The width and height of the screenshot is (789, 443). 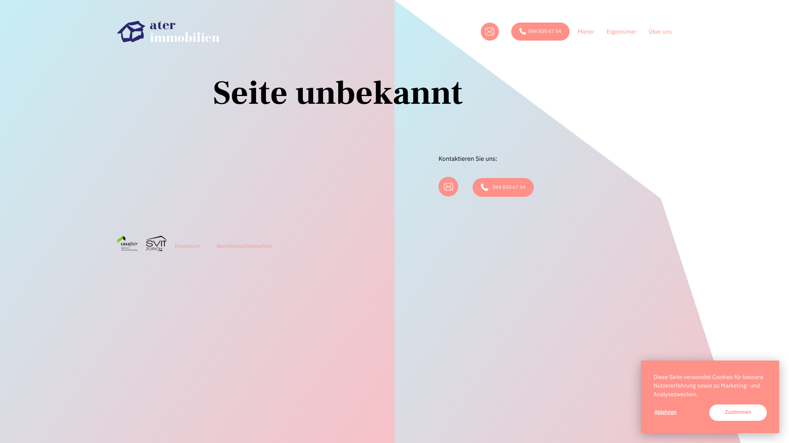 What do you see at coordinates (738, 413) in the screenshot?
I see `'Zustimmen'` at bounding box center [738, 413].